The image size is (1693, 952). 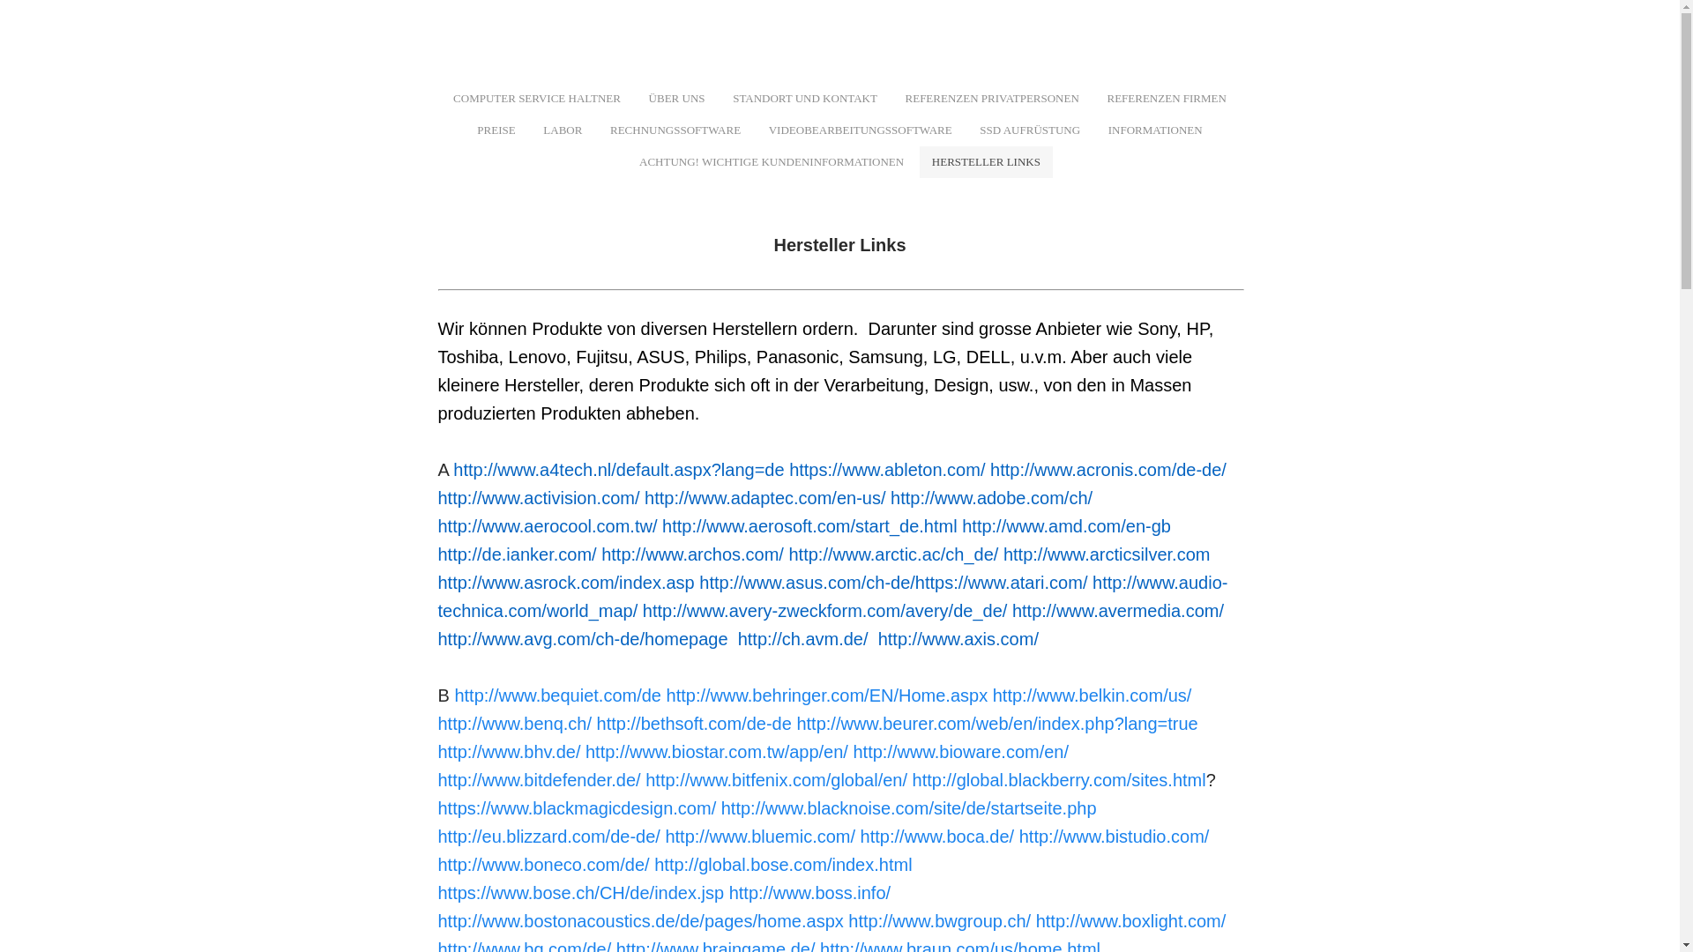 I want to click on 'HERSTELLER LINKS', so click(x=985, y=162).